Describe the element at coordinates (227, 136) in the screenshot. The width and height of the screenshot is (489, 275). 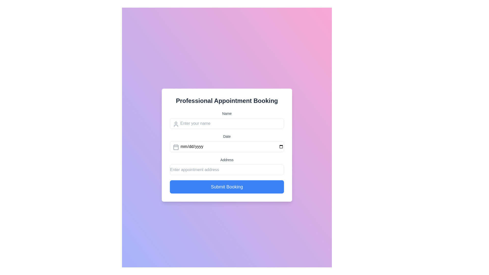
I see `the 'Date' label which is styled in a small font size and gray color, located above the input field within the booking form interface` at that location.